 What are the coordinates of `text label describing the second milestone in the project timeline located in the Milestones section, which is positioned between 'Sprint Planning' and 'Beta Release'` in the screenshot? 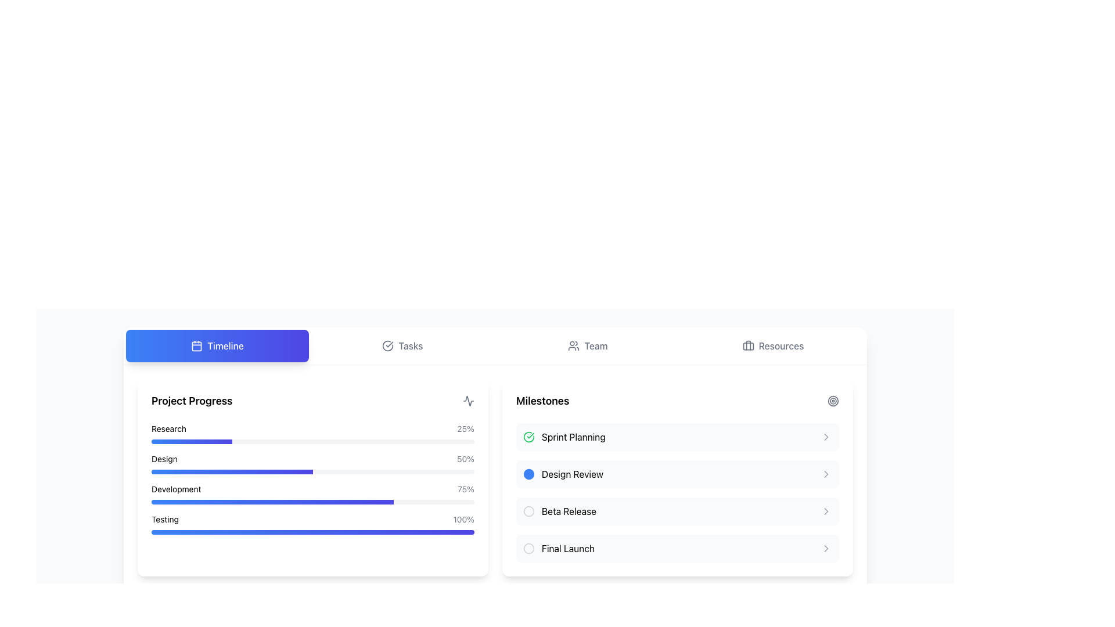 It's located at (572, 474).